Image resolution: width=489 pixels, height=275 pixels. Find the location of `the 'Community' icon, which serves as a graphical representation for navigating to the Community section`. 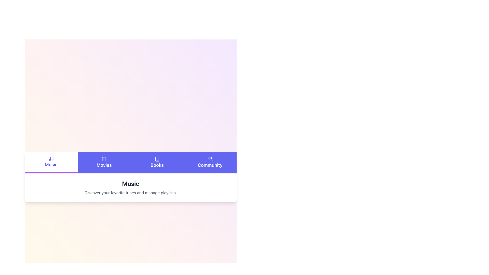

the 'Community' icon, which serves as a graphical representation for navigating to the Community section is located at coordinates (210, 159).